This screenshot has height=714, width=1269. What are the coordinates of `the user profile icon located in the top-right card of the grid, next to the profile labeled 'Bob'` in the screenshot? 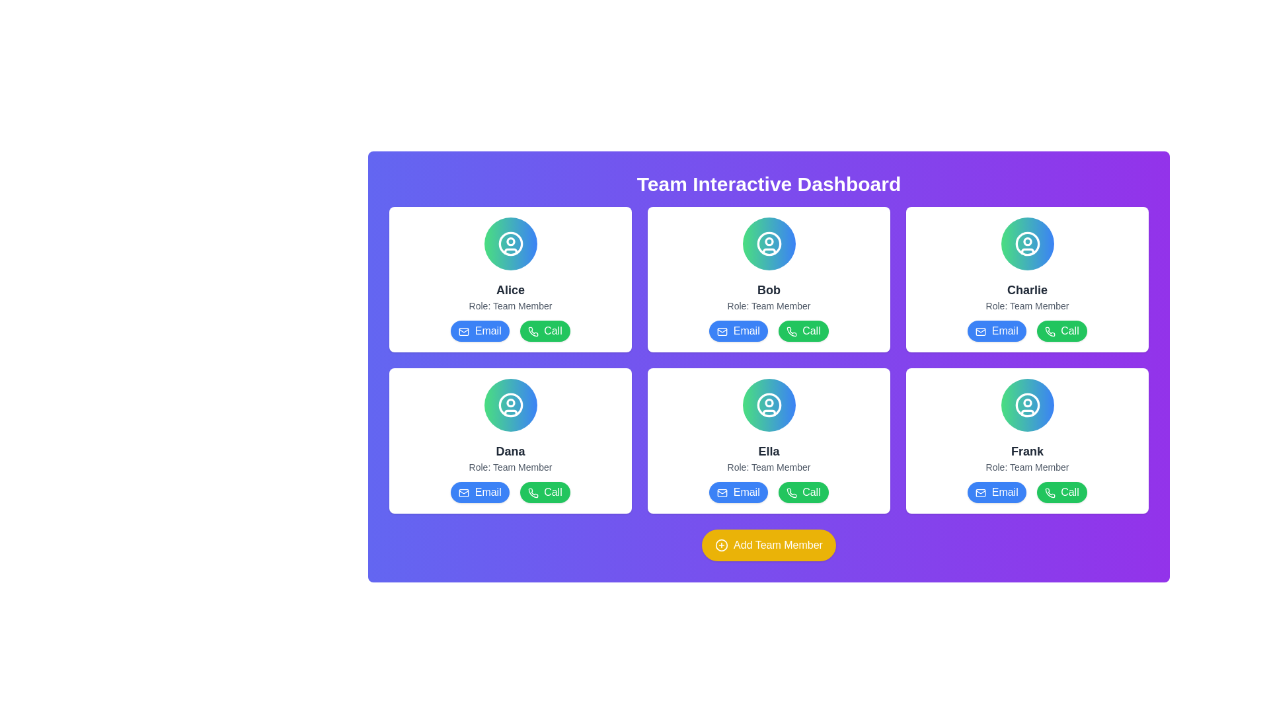 It's located at (769, 244).